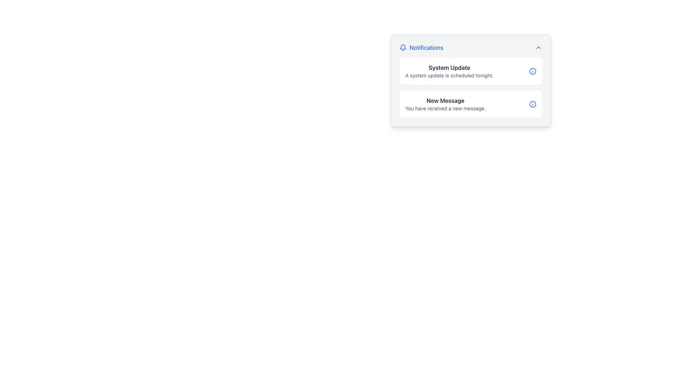  I want to click on the notification bell icon located in the top-left corner of the Notification card, adjacent to the 'Notifications' title, so click(403, 47).